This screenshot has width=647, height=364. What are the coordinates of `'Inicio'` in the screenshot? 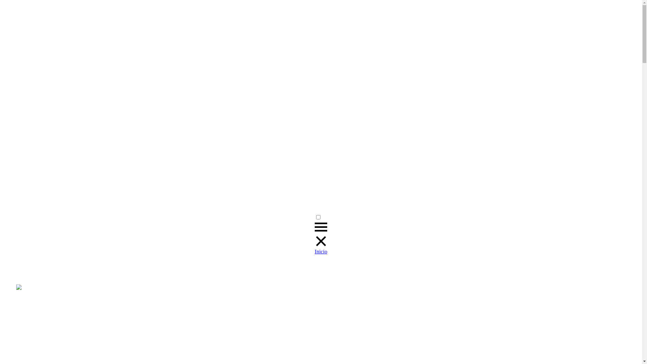 It's located at (320, 251).